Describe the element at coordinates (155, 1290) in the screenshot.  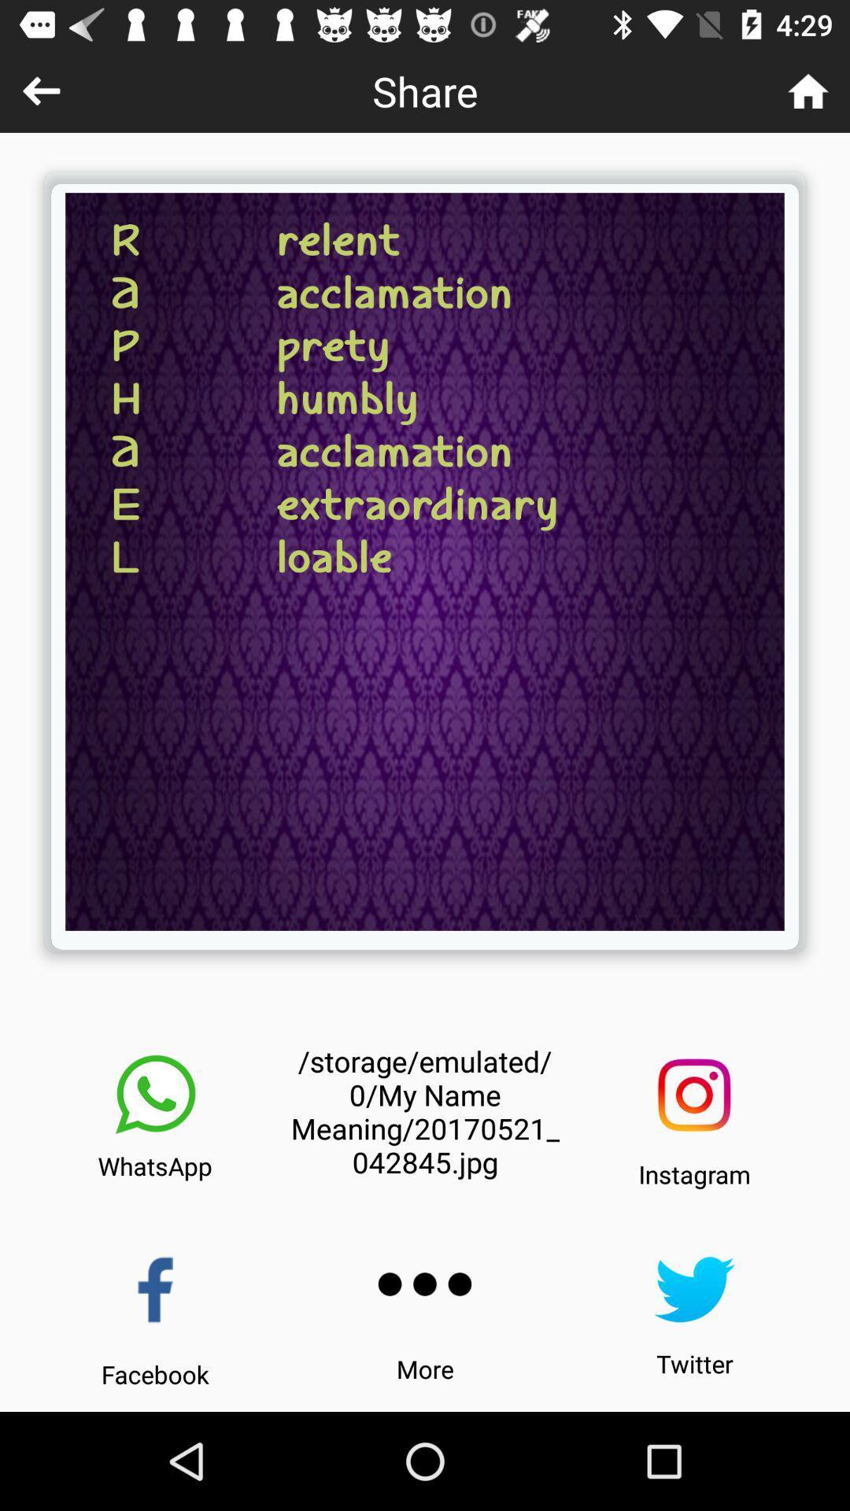
I see `share picture on facebook` at that location.